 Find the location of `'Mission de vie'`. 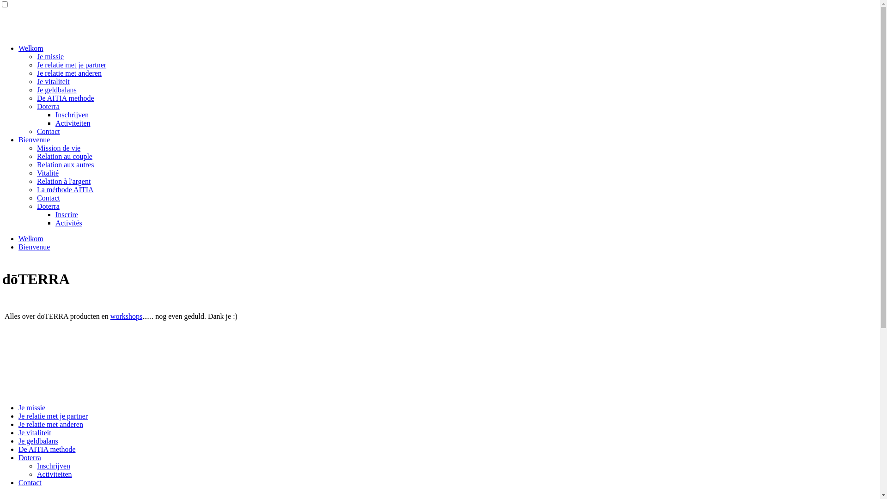

'Mission de vie' is located at coordinates (58, 147).